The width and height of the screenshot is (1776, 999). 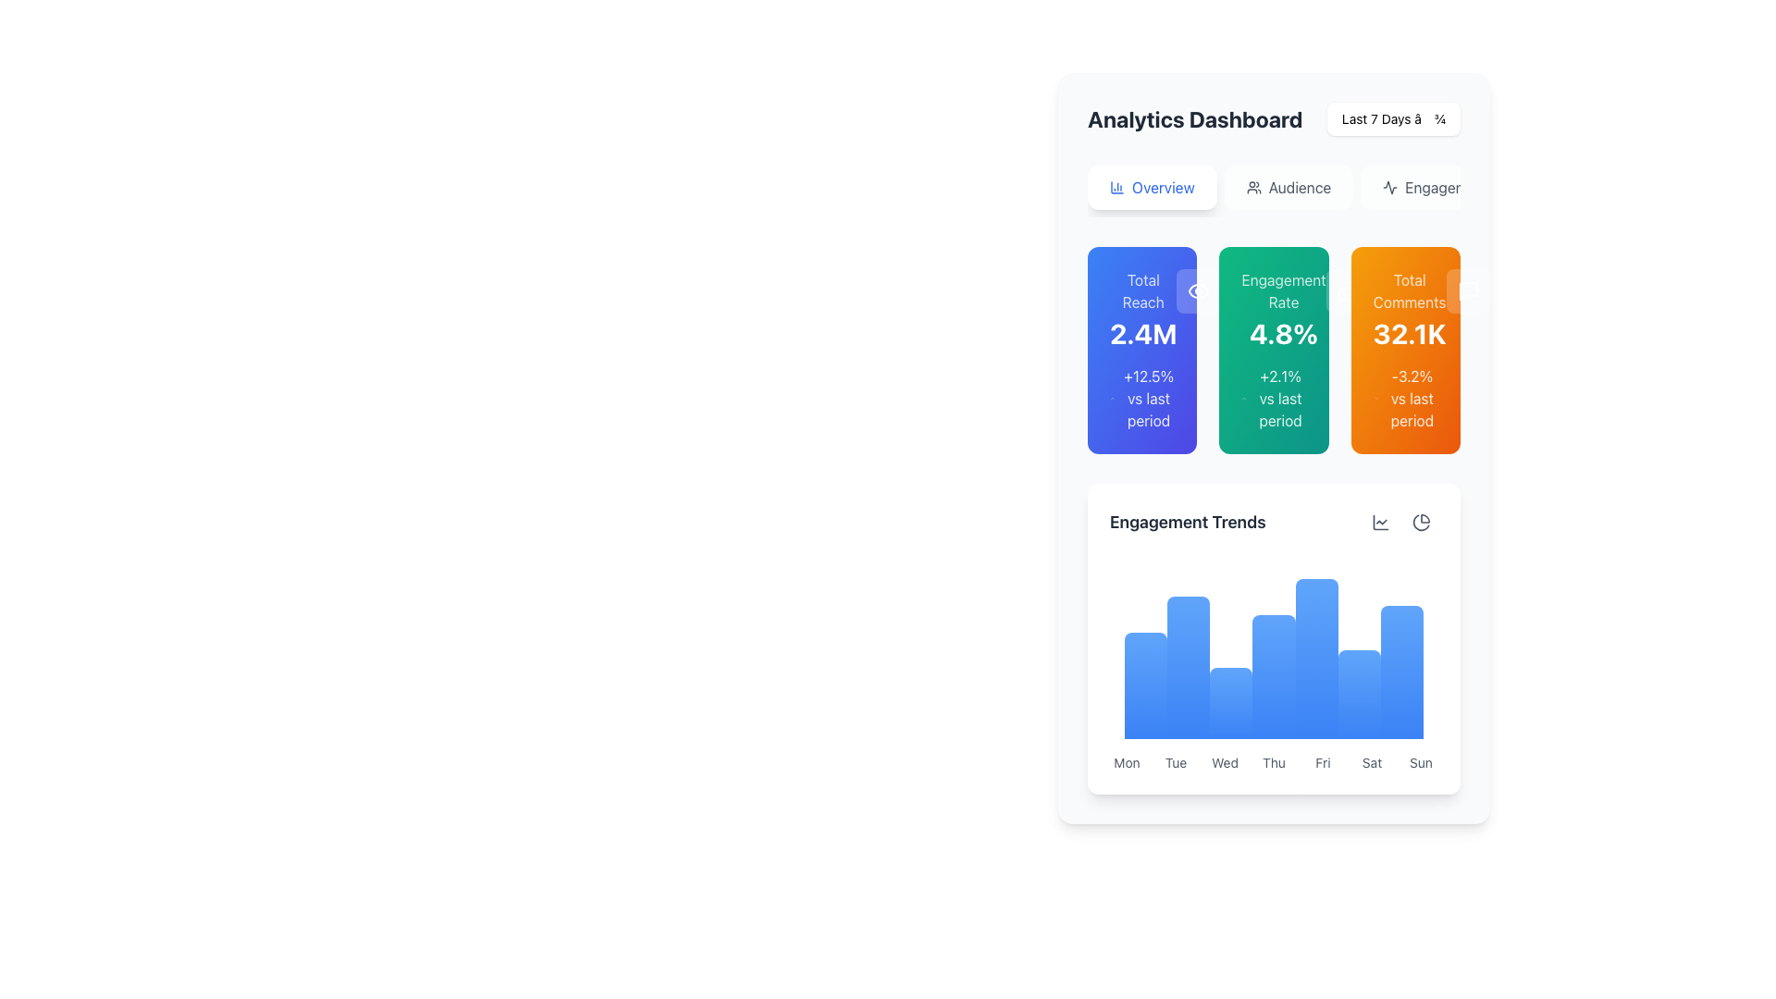 I want to click on the icon button resembling a line chart, styled with a light gray outline, so click(x=1380, y=522).